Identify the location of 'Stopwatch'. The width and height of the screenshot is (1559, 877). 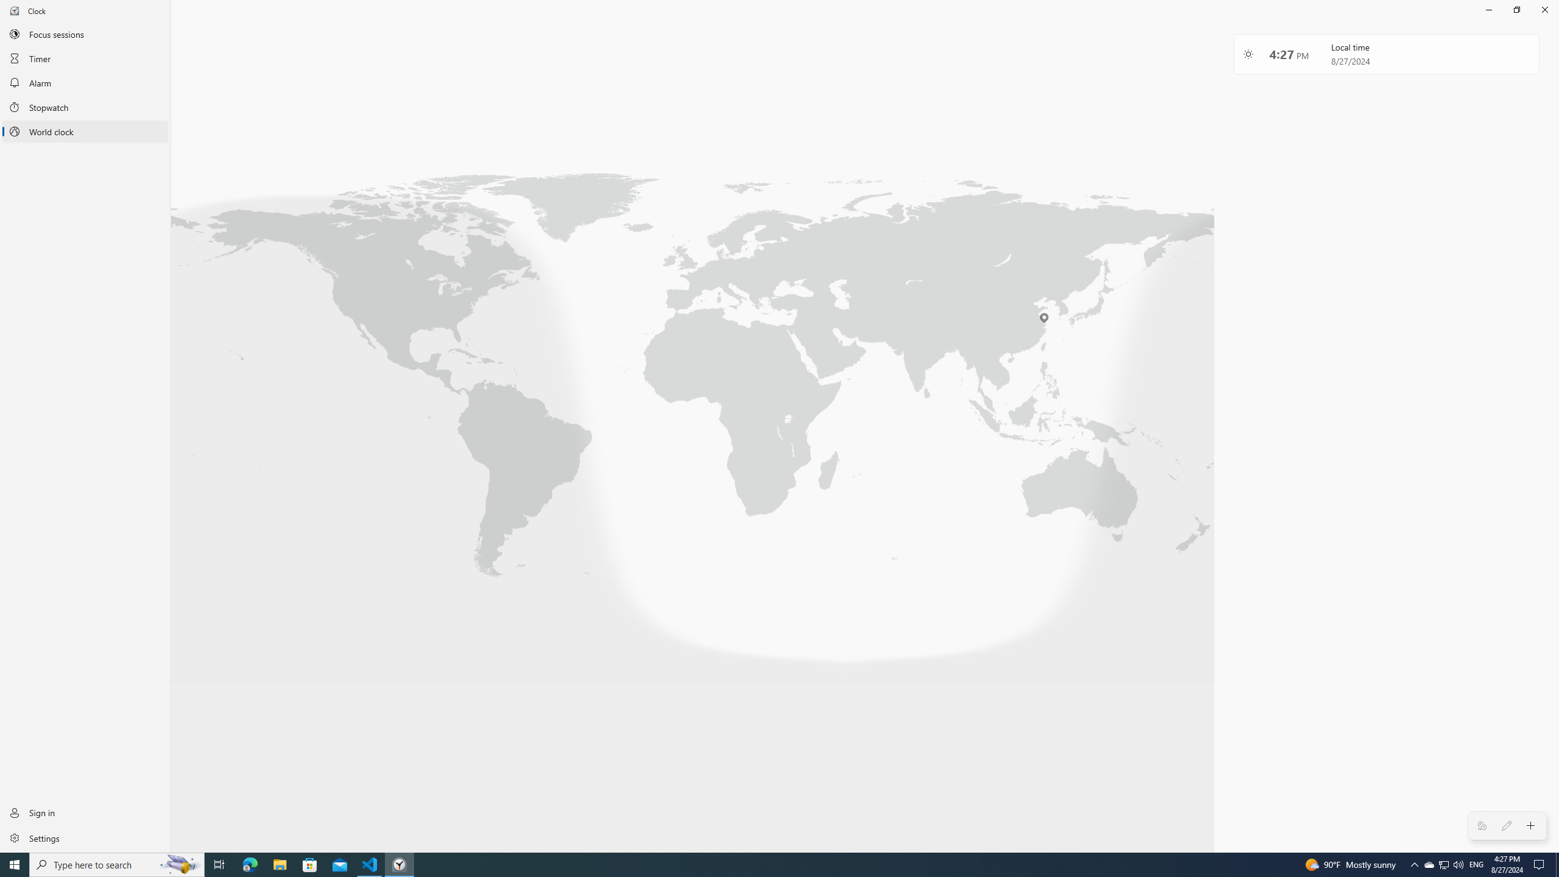
(85, 107).